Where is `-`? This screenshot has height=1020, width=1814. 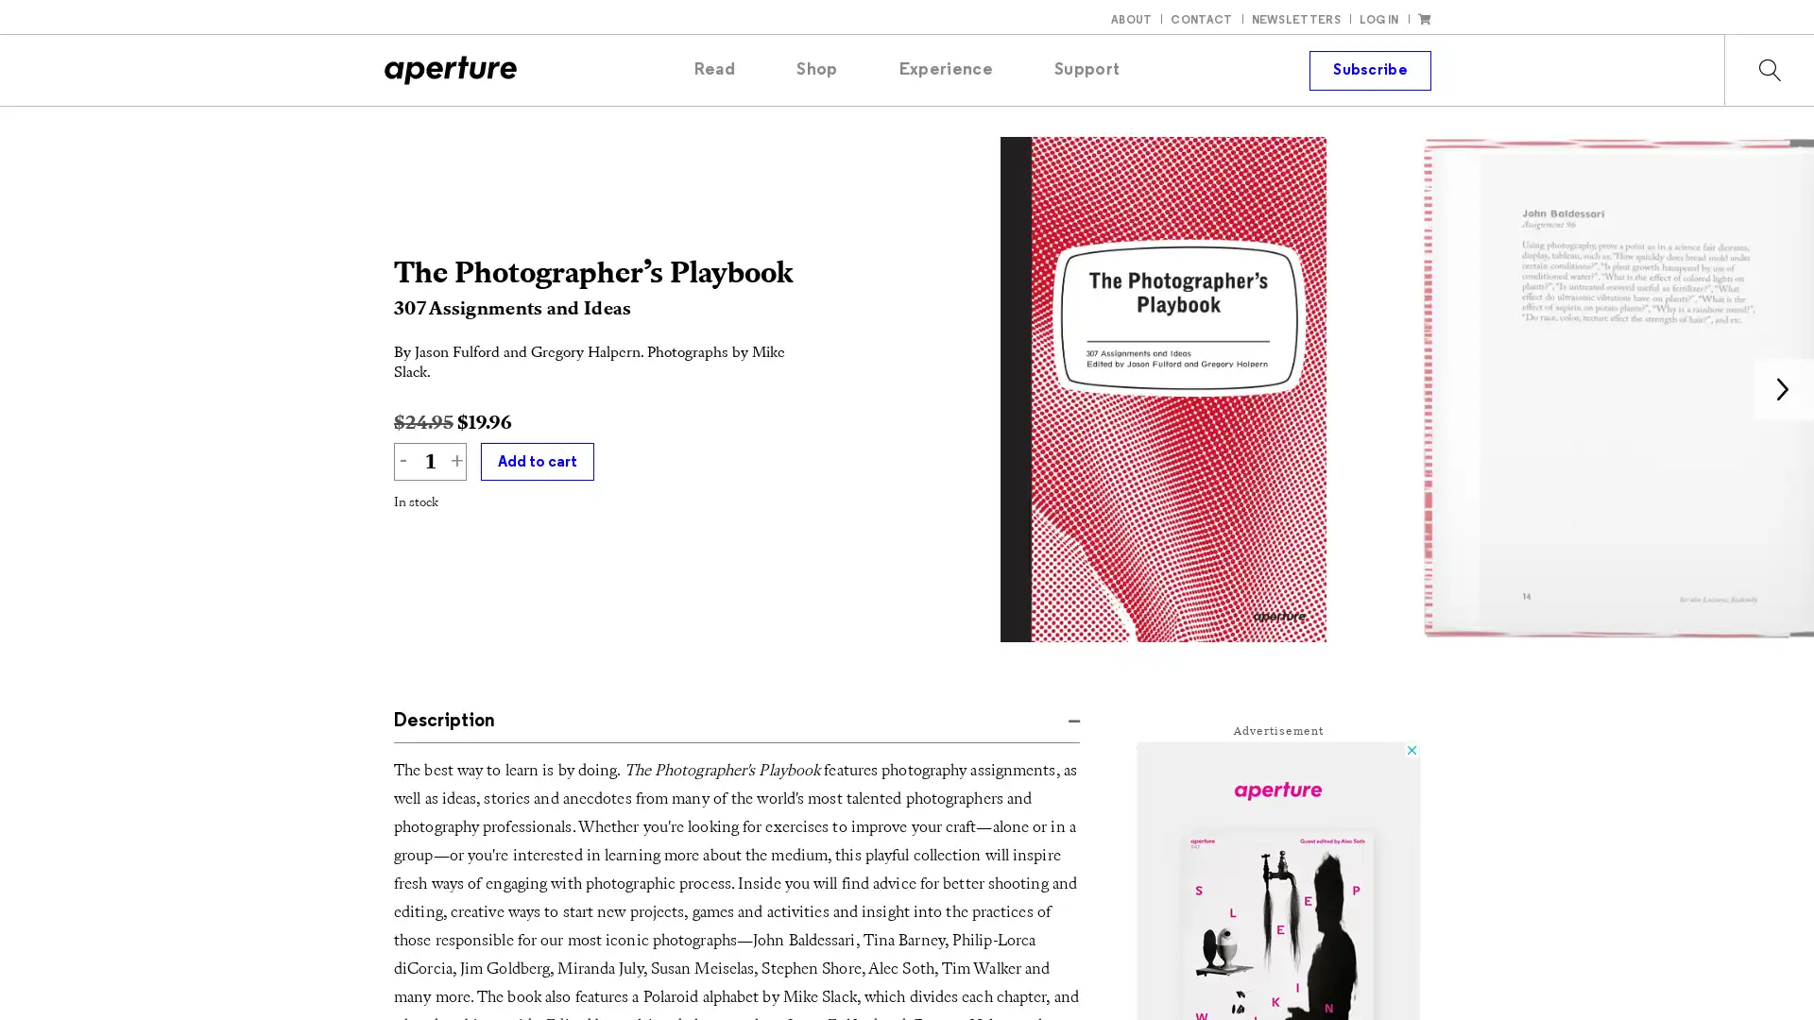 - is located at coordinates (402, 462).